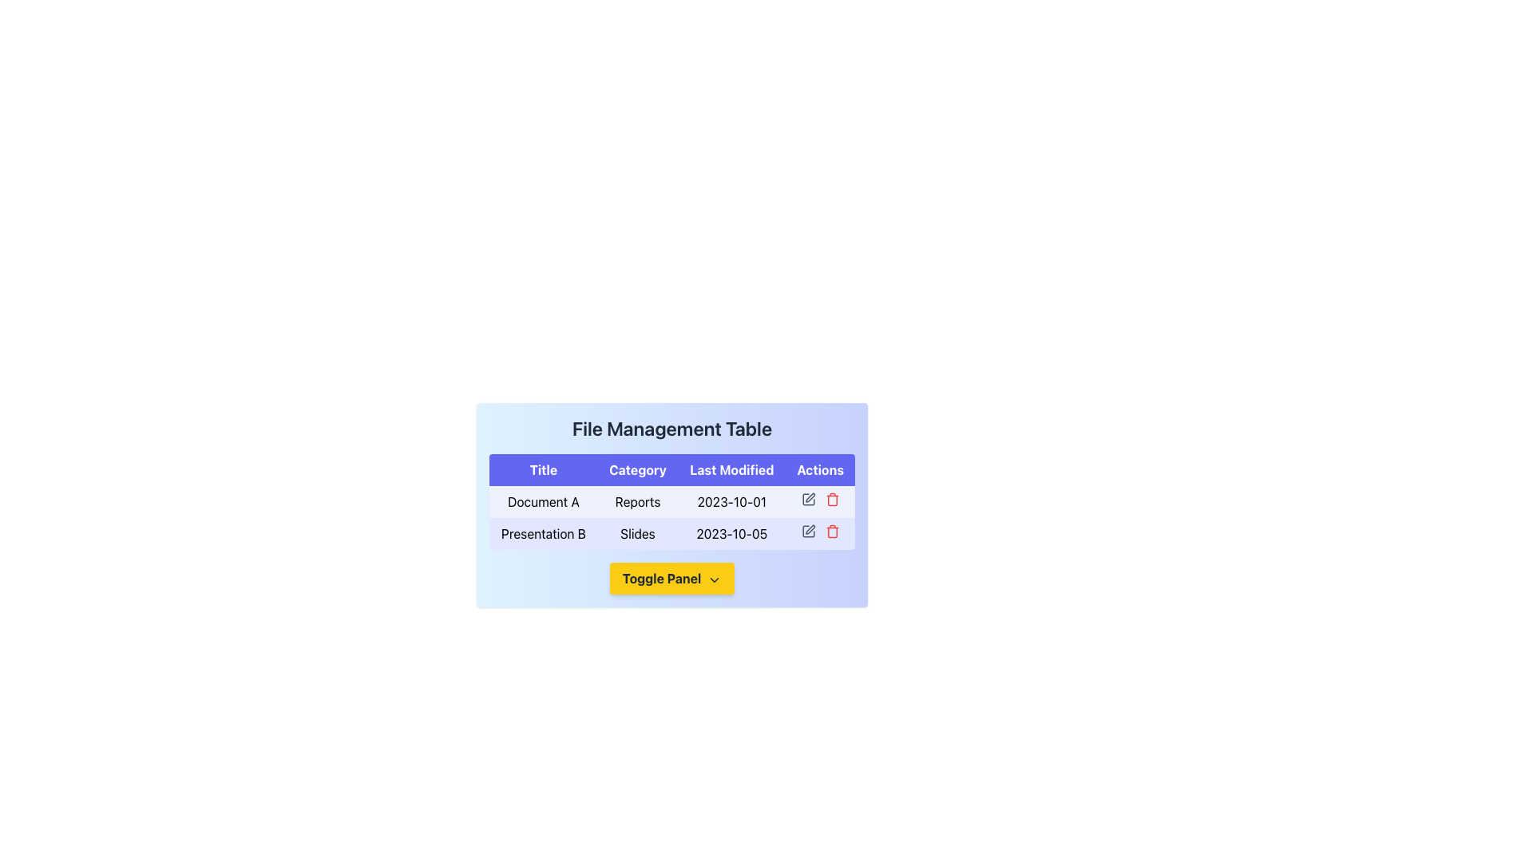  Describe the element at coordinates (808, 532) in the screenshot. I see `the edit button located in the 'Actions' column of the second row in the table for the entry 'Presentation B' to modify or update it` at that location.